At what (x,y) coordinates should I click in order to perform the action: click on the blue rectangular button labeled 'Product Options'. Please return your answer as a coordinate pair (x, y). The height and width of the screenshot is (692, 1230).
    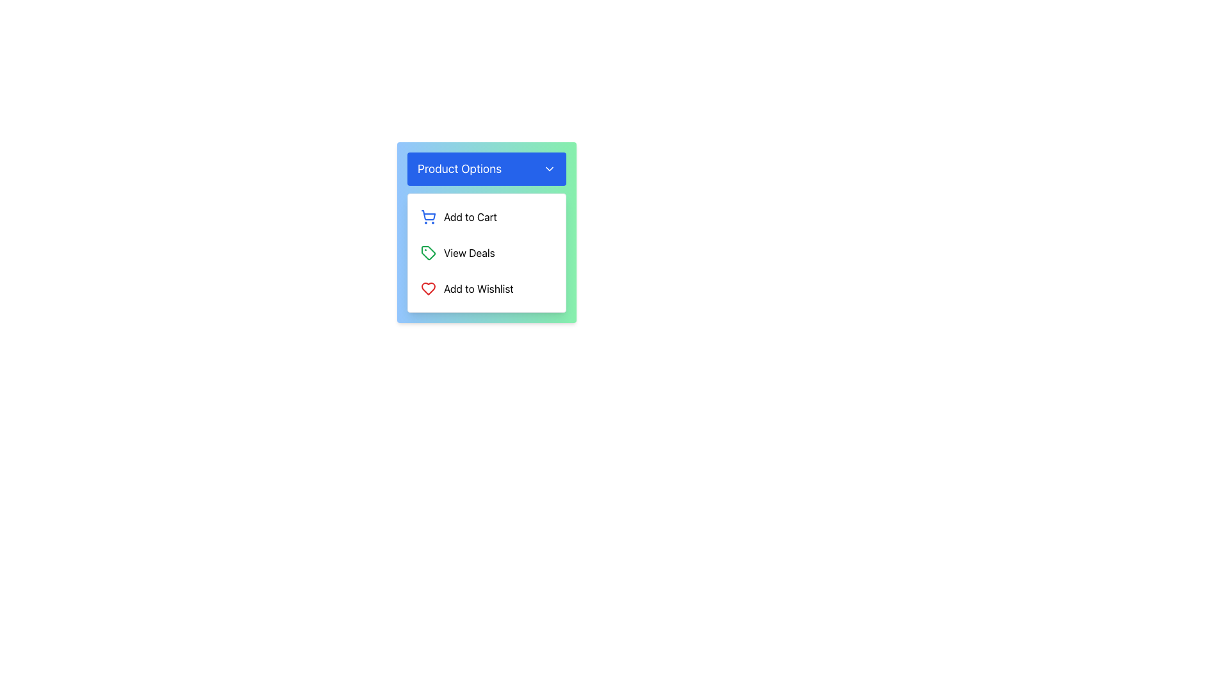
    Looking at the image, I should click on (486, 168).